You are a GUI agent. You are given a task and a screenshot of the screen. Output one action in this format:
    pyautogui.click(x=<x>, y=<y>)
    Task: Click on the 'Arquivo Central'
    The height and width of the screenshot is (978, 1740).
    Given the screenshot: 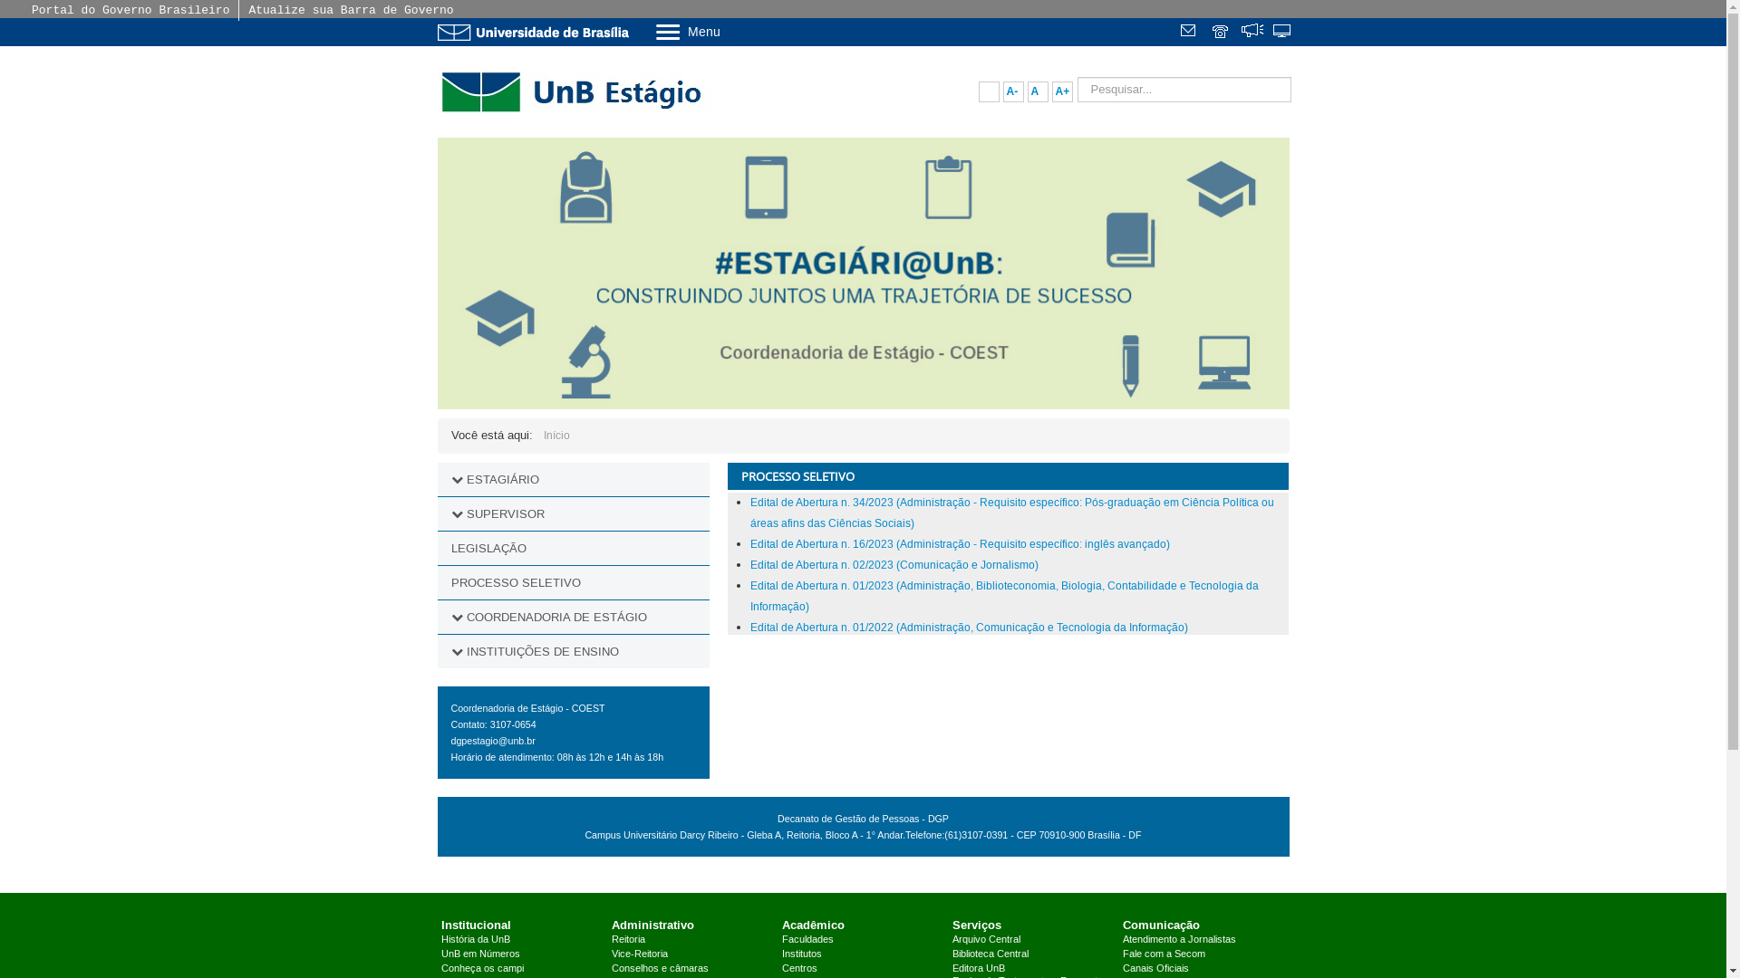 What is the action you would take?
    pyautogui.click(x=985, y=938)
    